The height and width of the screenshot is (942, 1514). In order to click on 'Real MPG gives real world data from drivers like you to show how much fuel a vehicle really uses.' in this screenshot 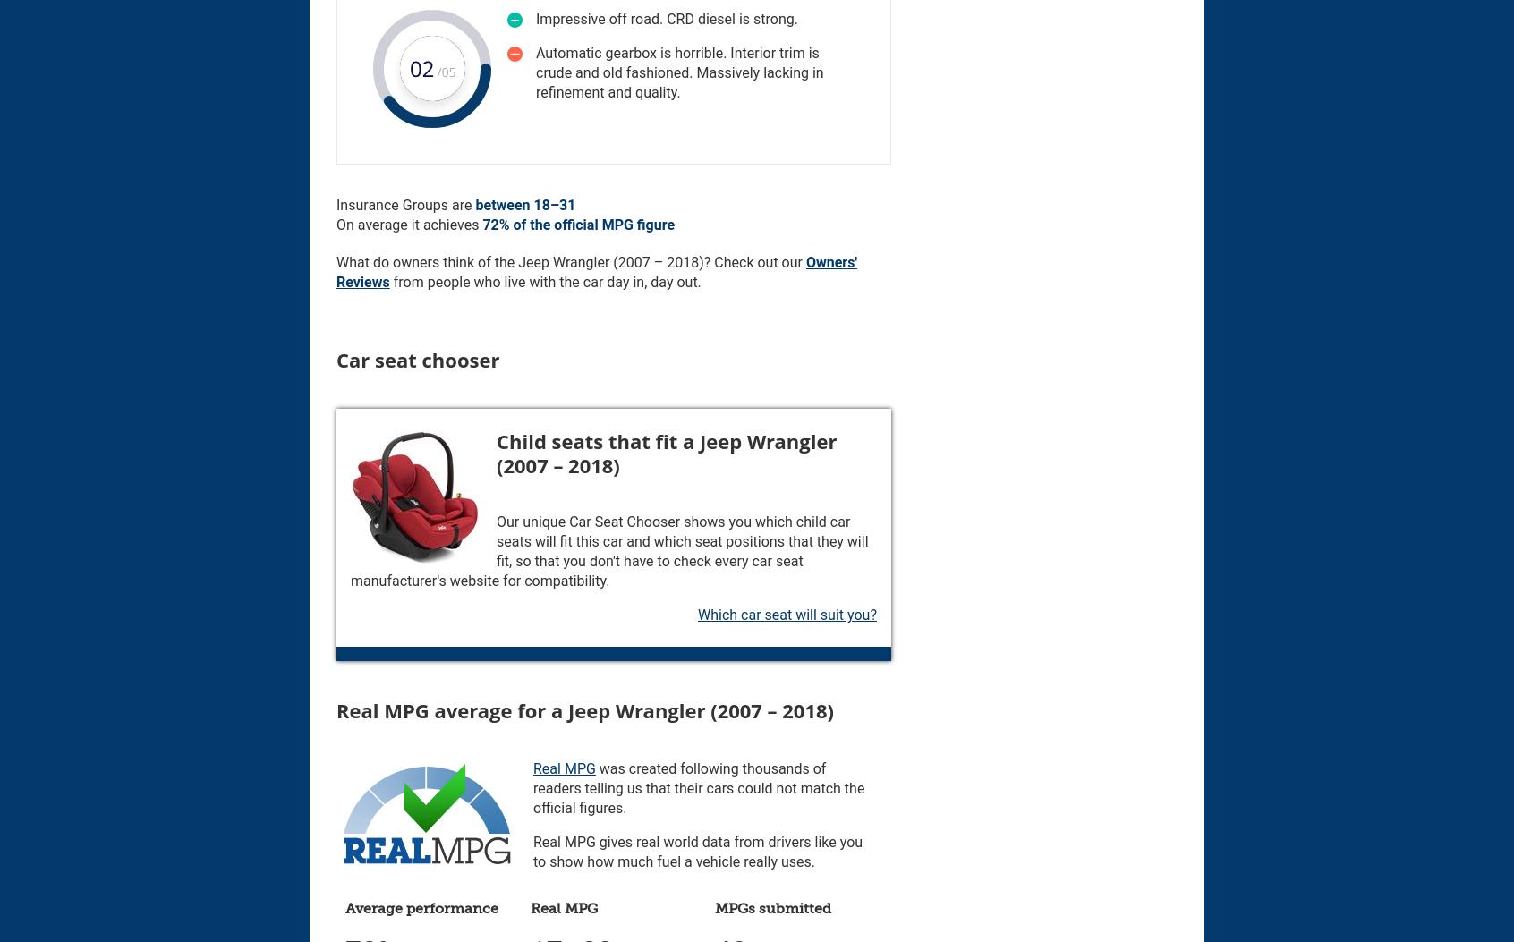, I will do `click(698, 851)`.